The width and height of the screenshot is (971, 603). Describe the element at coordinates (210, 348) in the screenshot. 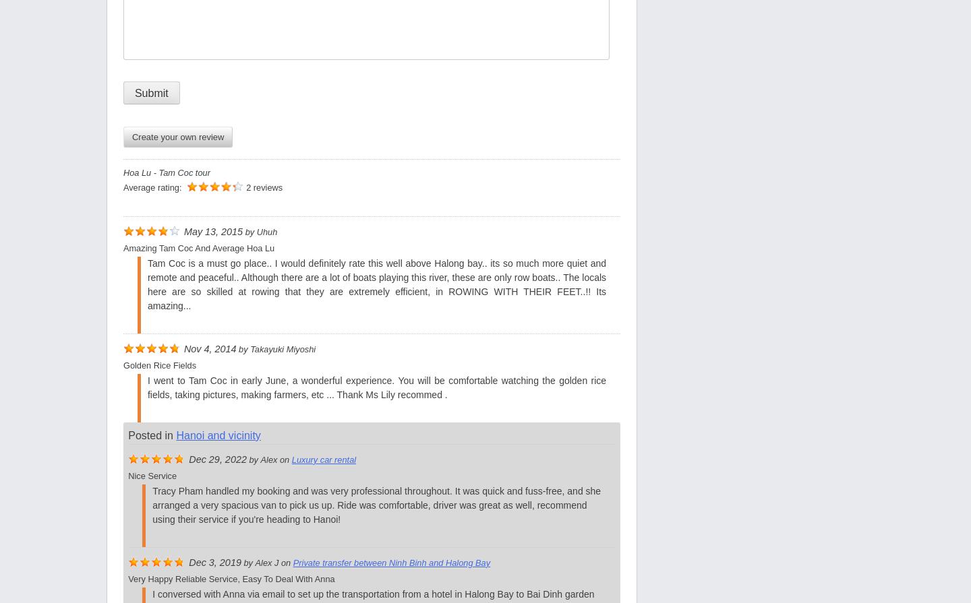

I see `'Nov 4, 2014'` at that location.